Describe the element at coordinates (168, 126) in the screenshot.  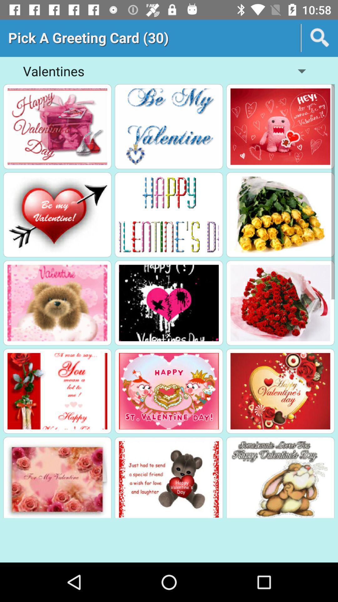
I see `to choose/pick a card` at that location.